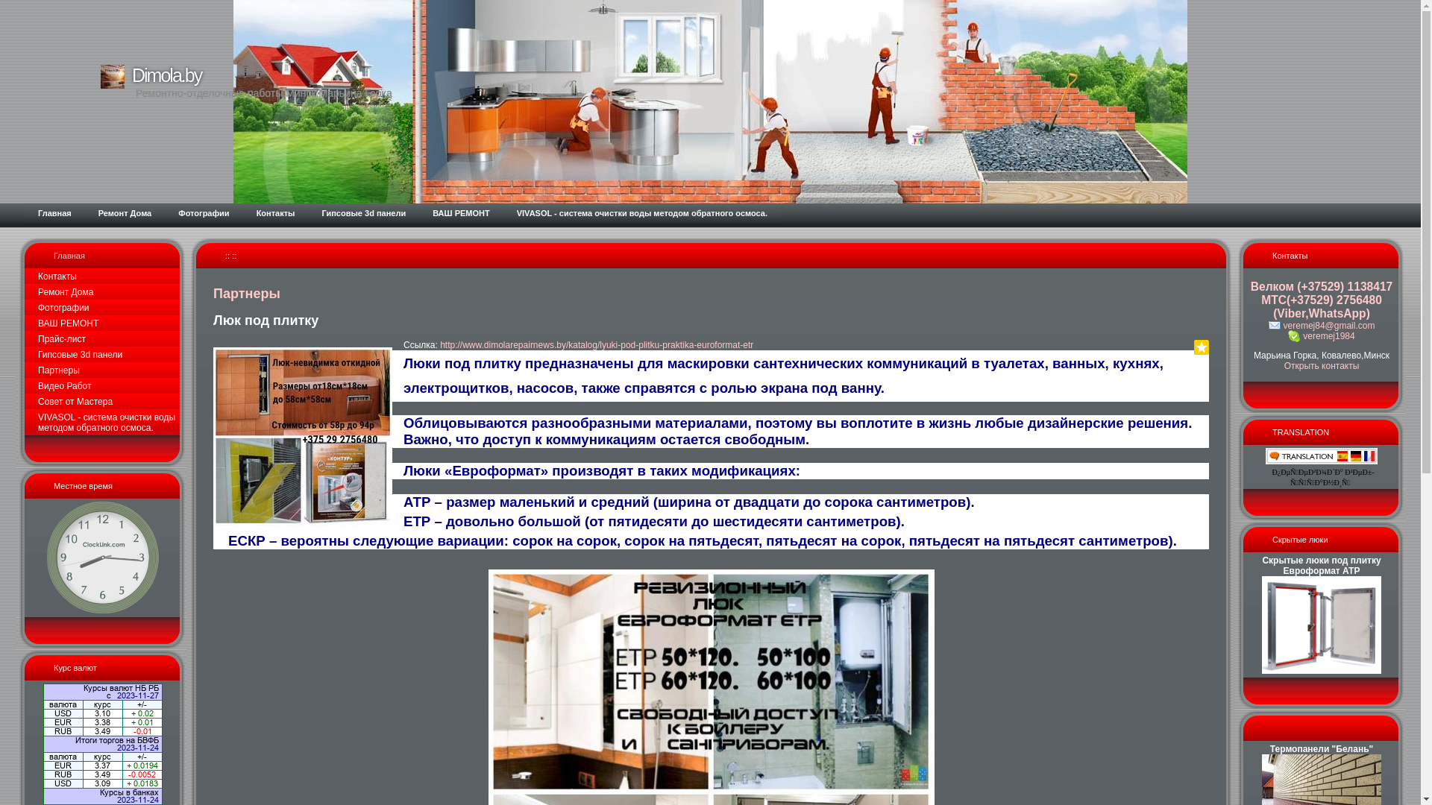 This screenshot has width=1432, height=805. Describe the element at coordinates (1287, 336) in the screenshot. I see `'veremej1984'` at that location.